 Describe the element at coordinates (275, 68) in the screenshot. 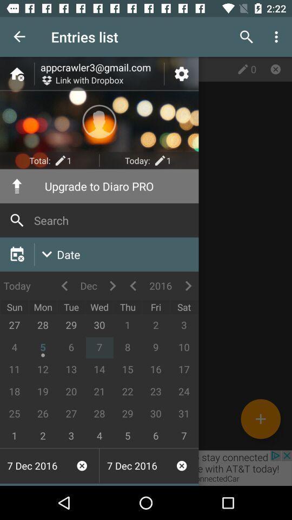

I see `the close icon` at that location.